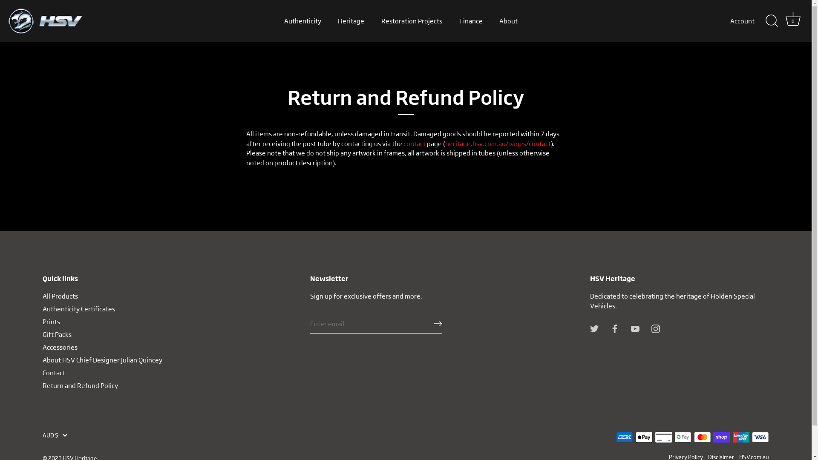  What do you see at coordinates (651, 327) in the screenshot?
I see `'Instagram'` at bounding box center [651, 327].